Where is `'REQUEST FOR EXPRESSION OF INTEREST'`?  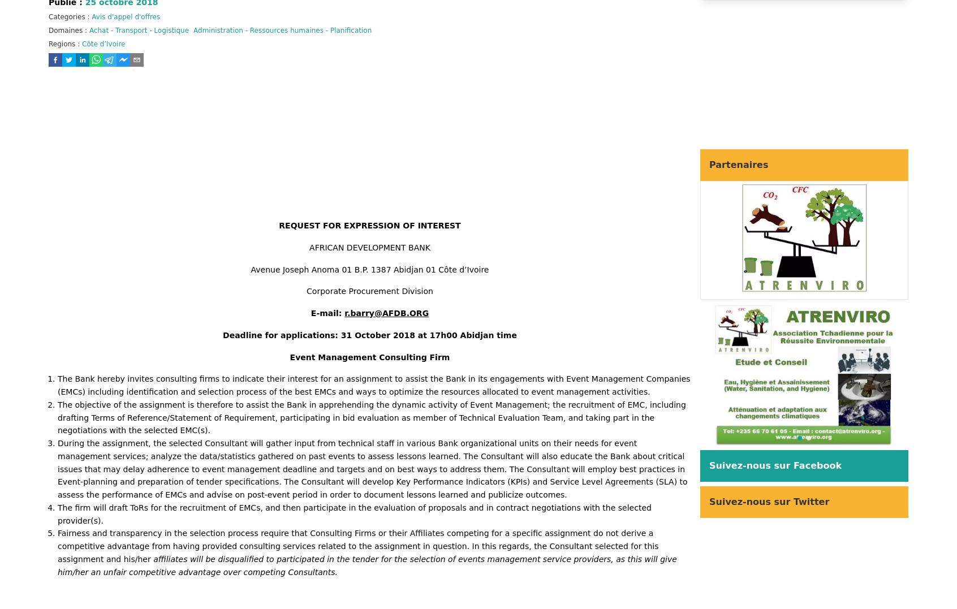
'REQUEST FOR EXPRESSION OF INTEREST' is located at coordinates (369, 226).